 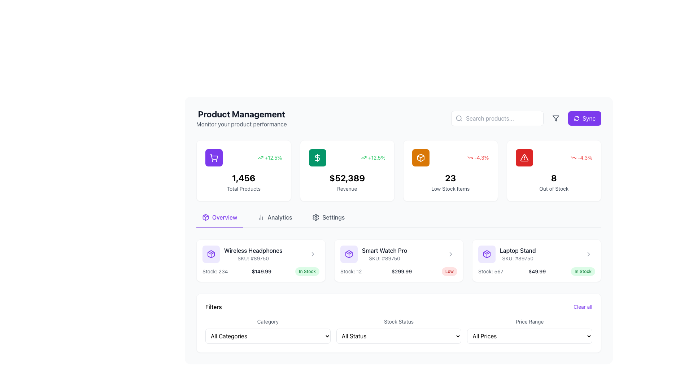 What do you see at coordinates (384, 258) in the screenshot?
I see `the SKU text label located below the product title for 'Smart Watch Pro' within the product information card` at bounding box center [384, 258].